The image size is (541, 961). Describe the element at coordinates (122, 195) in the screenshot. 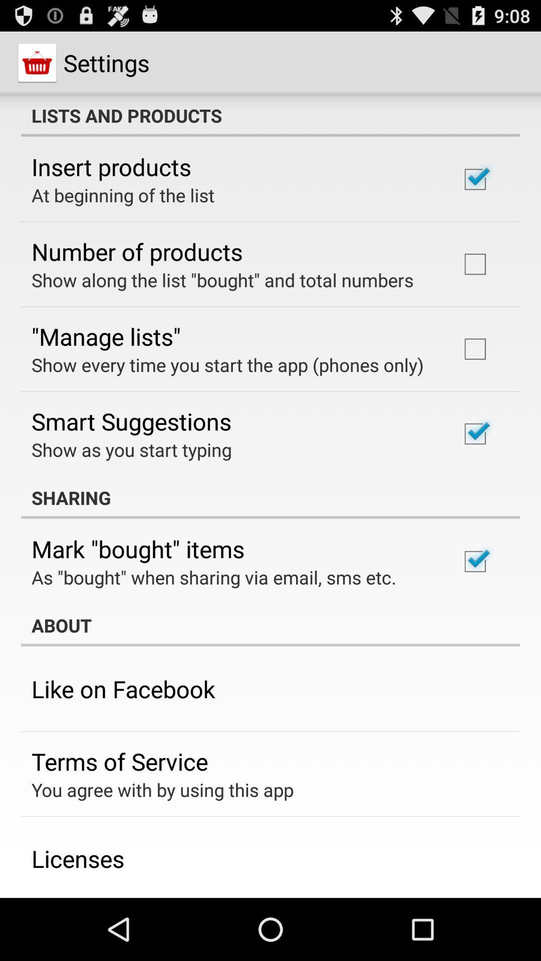

I see `icon above the number of products app` at that location.